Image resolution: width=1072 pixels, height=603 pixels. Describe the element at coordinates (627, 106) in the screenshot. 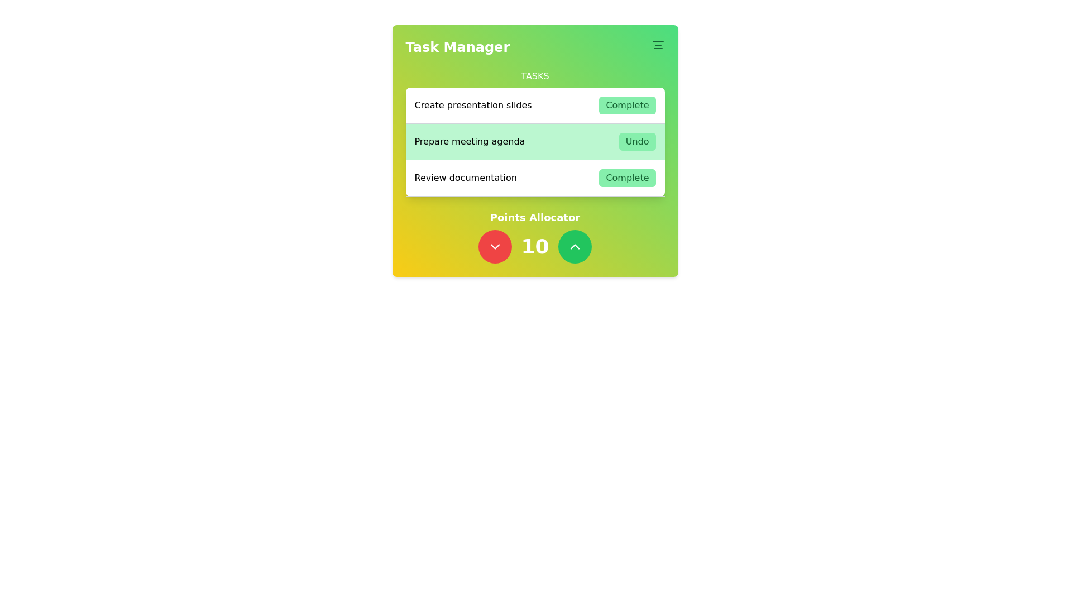

I see `the 'Complete' button to mark the task 'Create presentation slides' as completed` at that location.